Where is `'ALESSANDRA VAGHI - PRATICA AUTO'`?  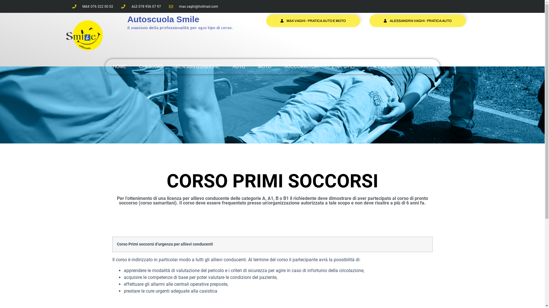
'ALESSANDRA VAGHI - PRATICA AUTO' is located at coordinates (417, 21).